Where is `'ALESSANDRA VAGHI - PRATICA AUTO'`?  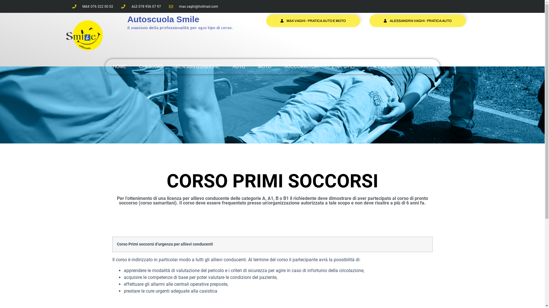
'ALESSANDRA VAGHI - PRATICA AUTO' is located at coordinates (417, 21).